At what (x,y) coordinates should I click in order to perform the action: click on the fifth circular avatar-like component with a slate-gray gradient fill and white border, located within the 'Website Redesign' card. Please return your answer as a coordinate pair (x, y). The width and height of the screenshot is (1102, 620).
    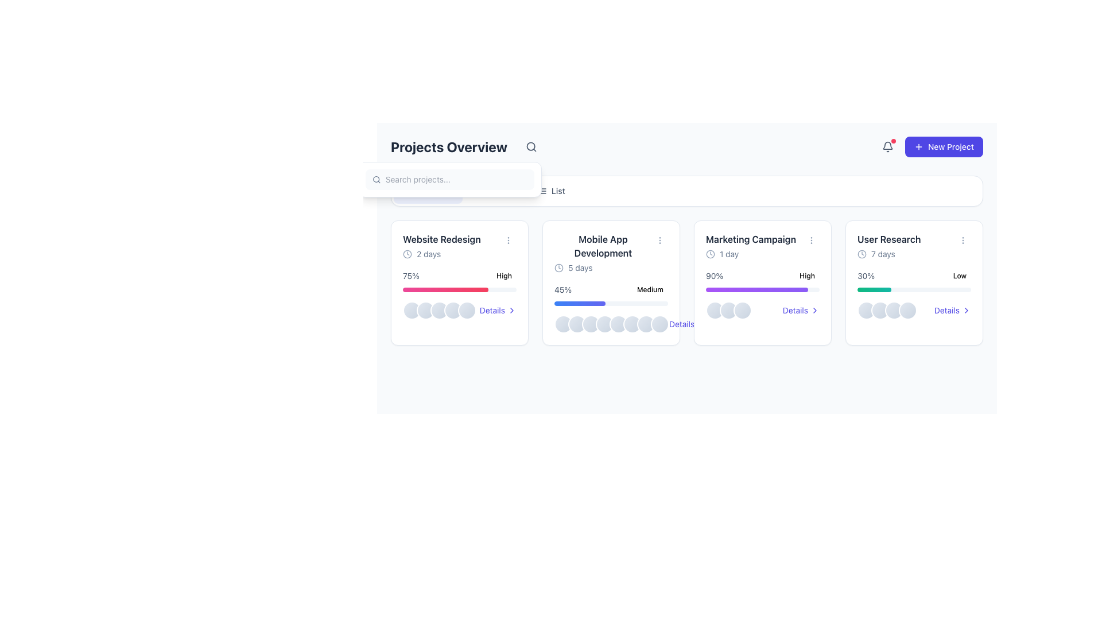
    Looking at the image, I should click on (467, 310).